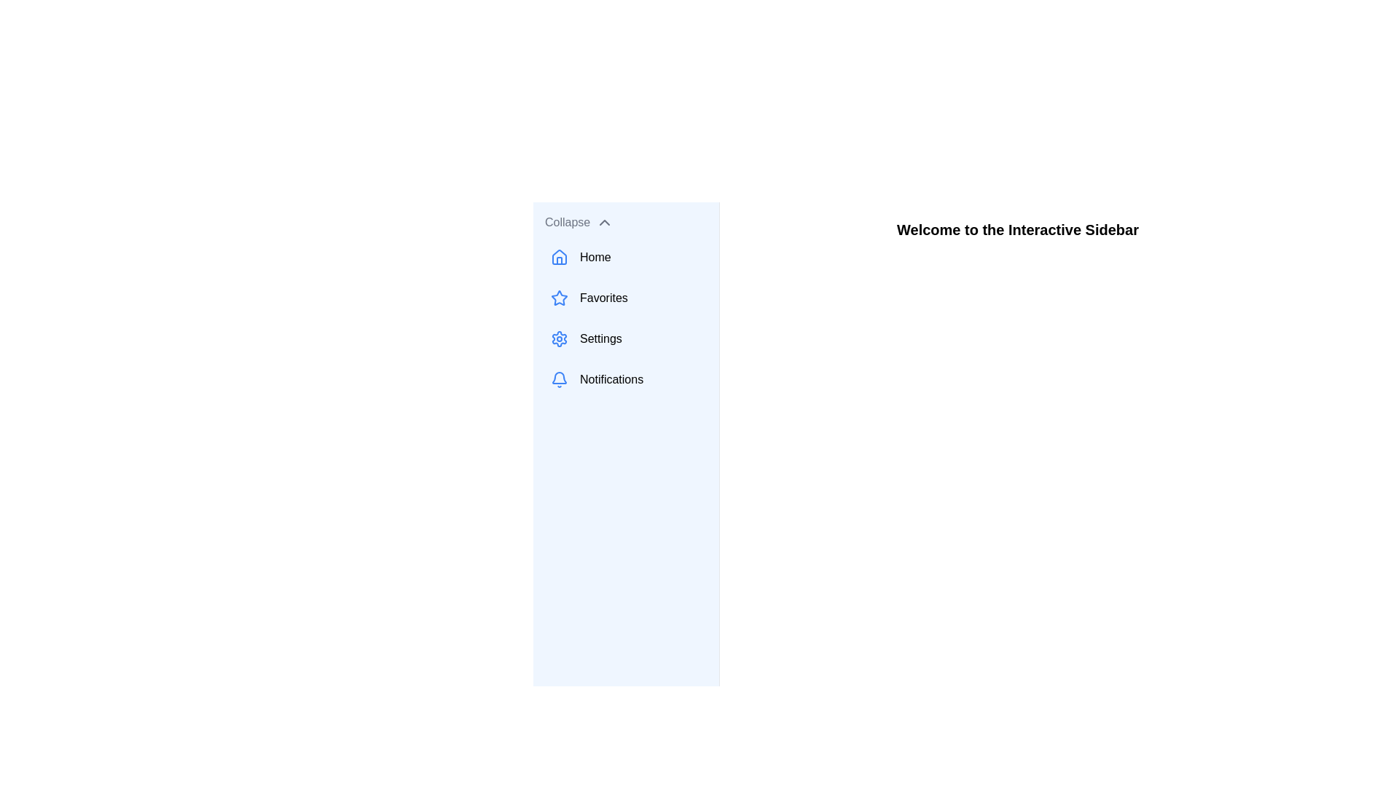  I want to click on the 'Favorites' button, which is the second item in the vertical sidebar menu and features a blue star icon followed by the text 'Favorites', so click(626, 297).